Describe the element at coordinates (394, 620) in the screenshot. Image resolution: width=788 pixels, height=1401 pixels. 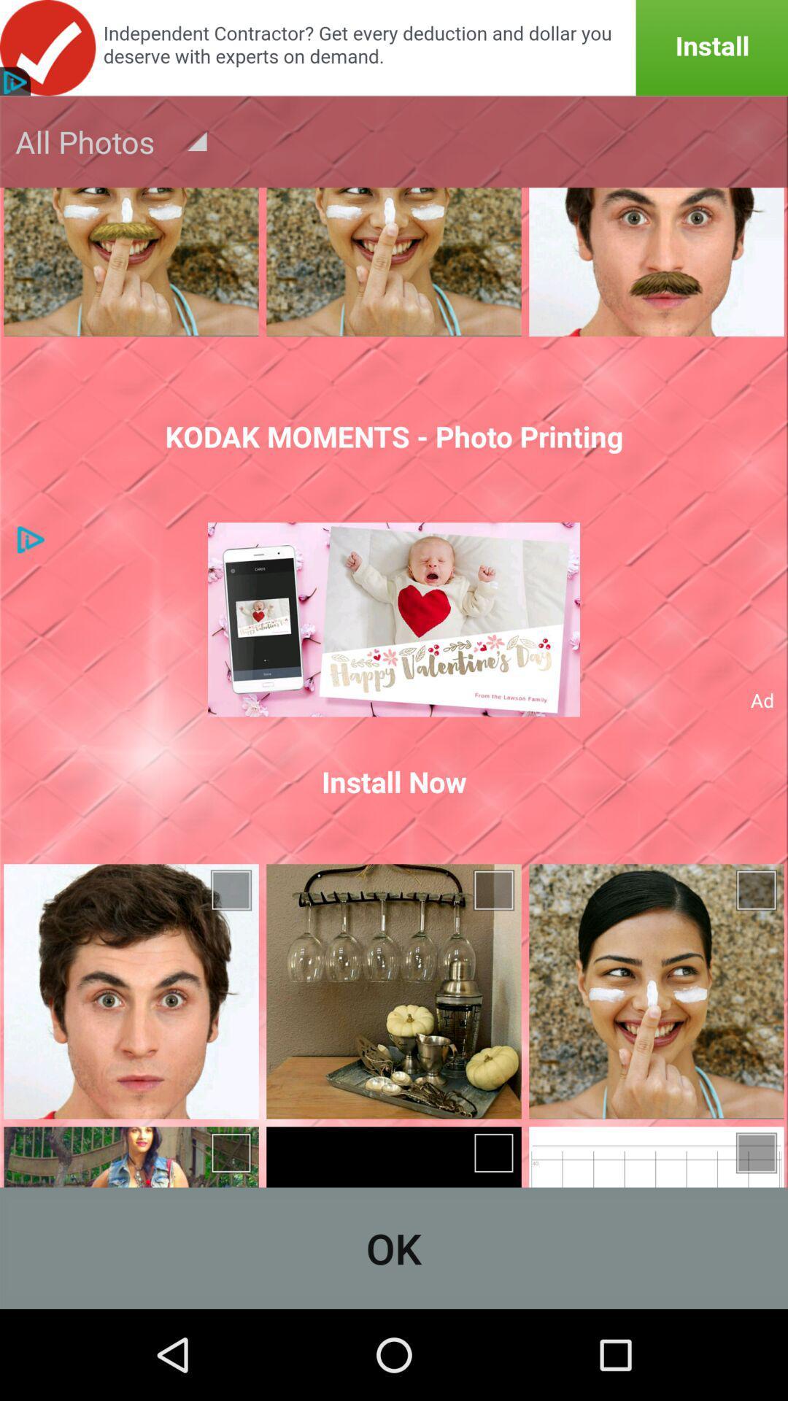
I see `the icon below the kodak moments photo icon` at that location.